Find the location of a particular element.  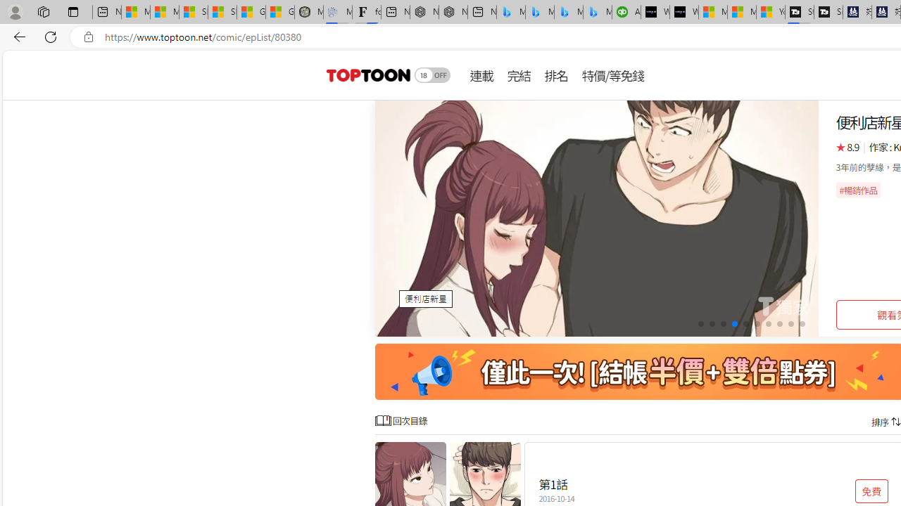

'Back' is located at coordinates (17, 36).